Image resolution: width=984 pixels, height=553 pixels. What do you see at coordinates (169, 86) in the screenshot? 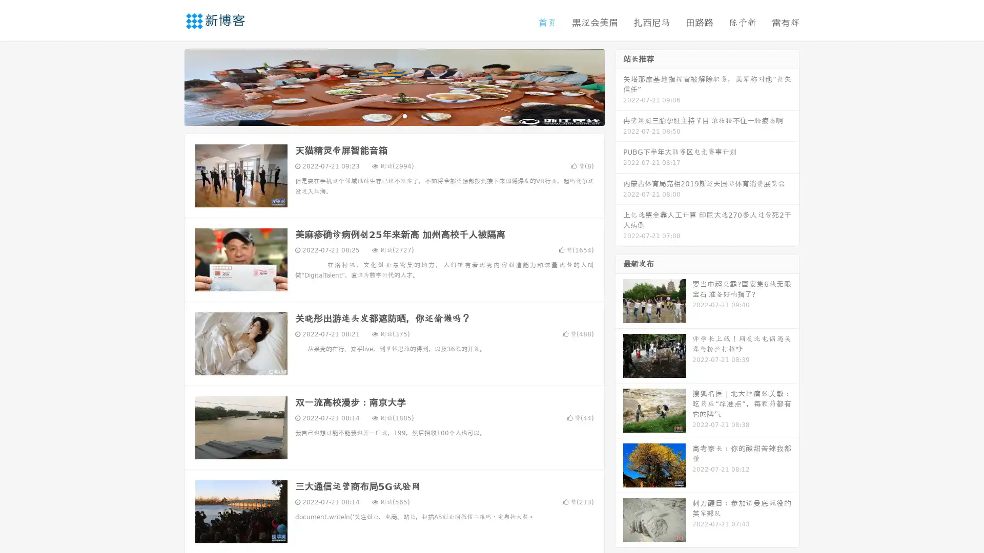
I see `Previous slide` at bounding box center [169, 86].